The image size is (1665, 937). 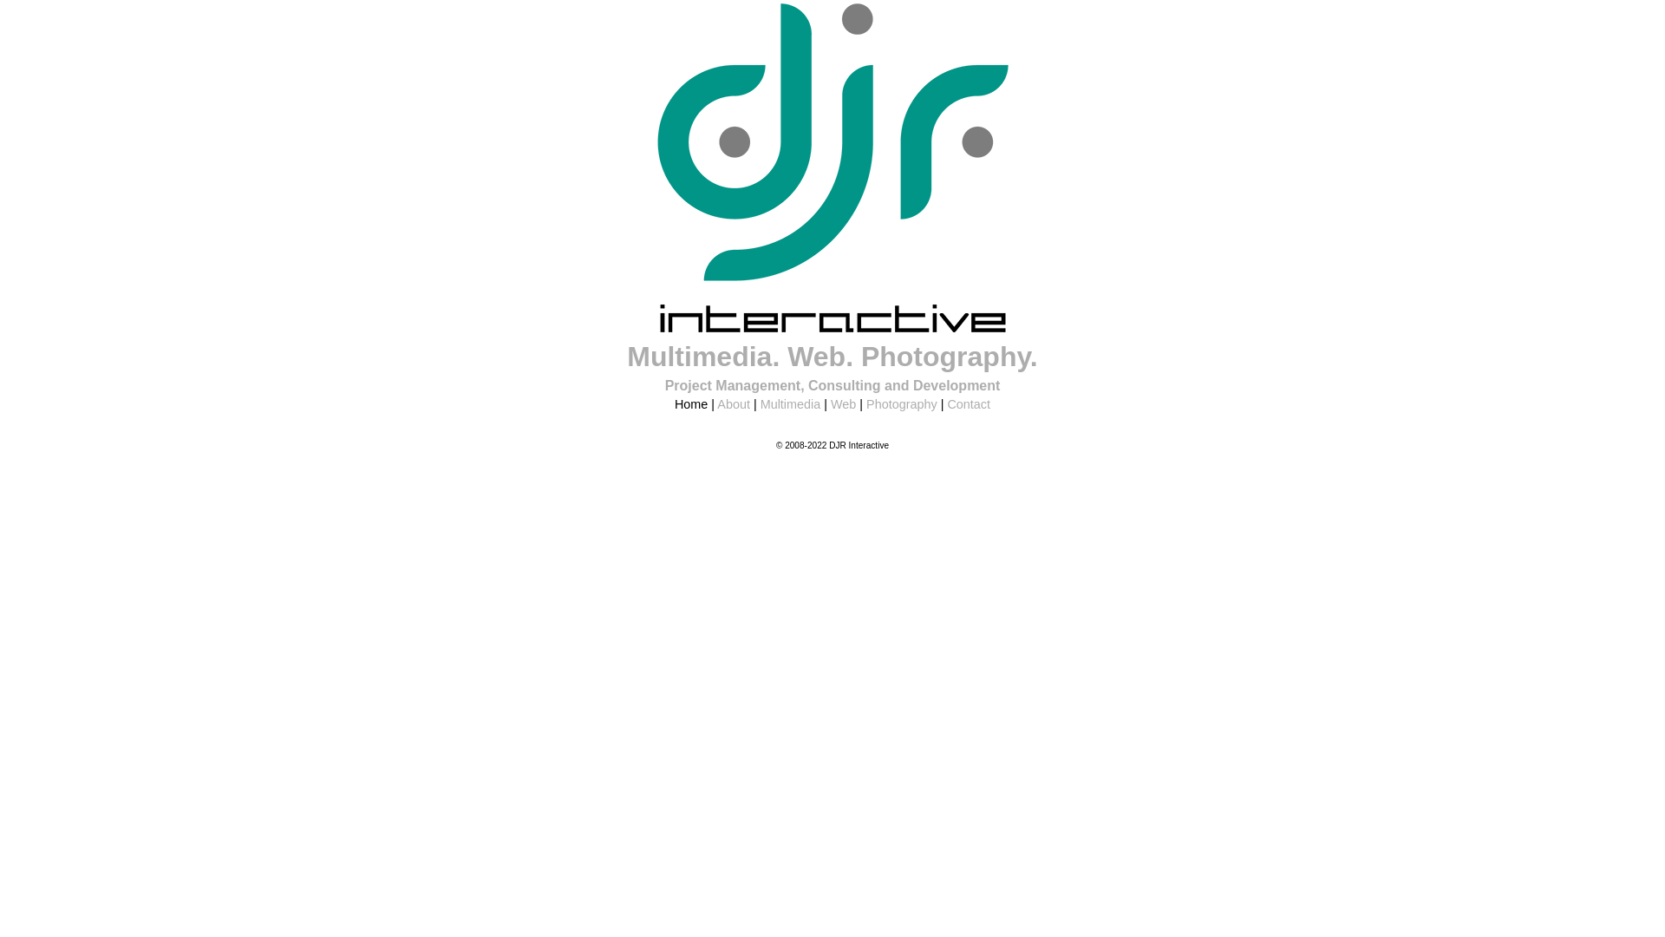 I want to click on 'About', so click(x=733, y=404).